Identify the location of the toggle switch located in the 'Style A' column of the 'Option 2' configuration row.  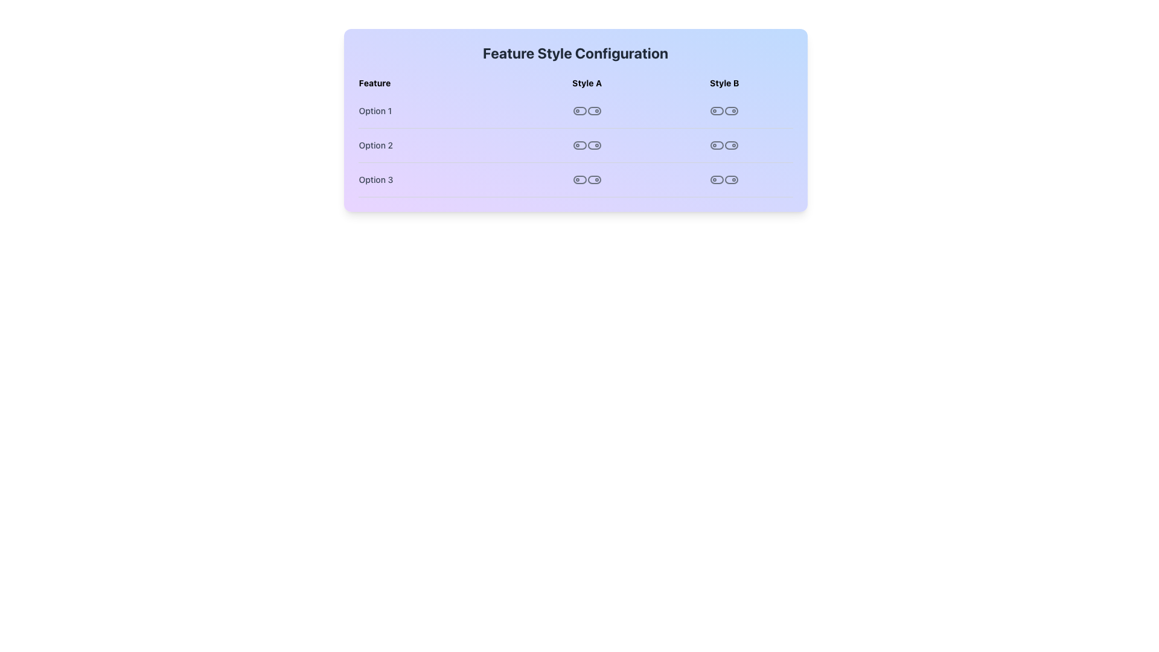
(586, 144).